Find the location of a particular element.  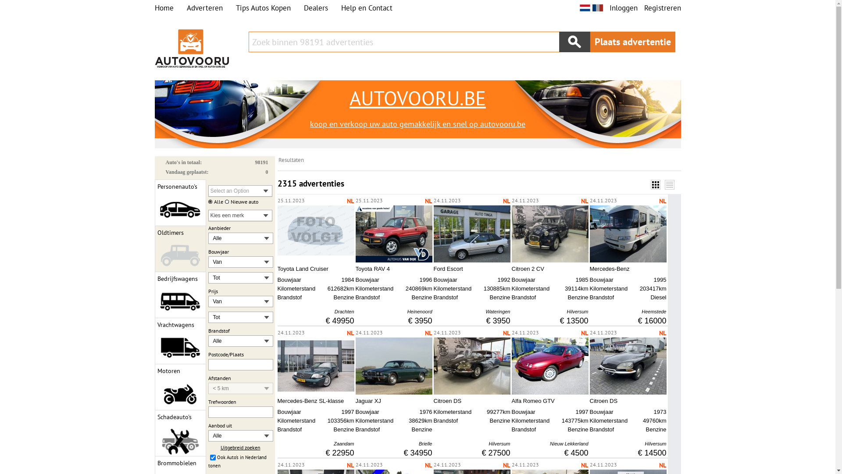

'Adverteren' is located at coordinates (186, 8).